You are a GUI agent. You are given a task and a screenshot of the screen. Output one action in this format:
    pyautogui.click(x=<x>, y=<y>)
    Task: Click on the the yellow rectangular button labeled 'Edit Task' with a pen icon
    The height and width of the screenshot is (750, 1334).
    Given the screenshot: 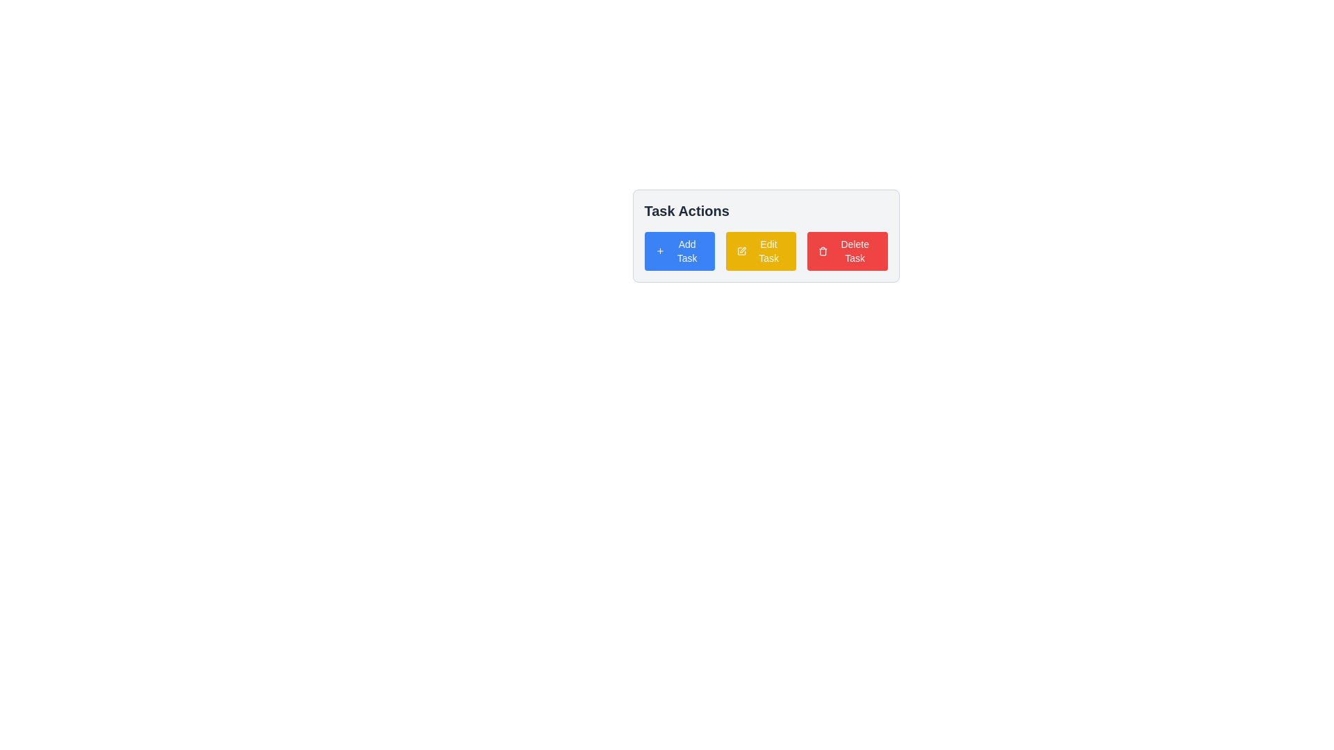 What is the action you would take?
    pyautogui.click(x=765, y=251)
    